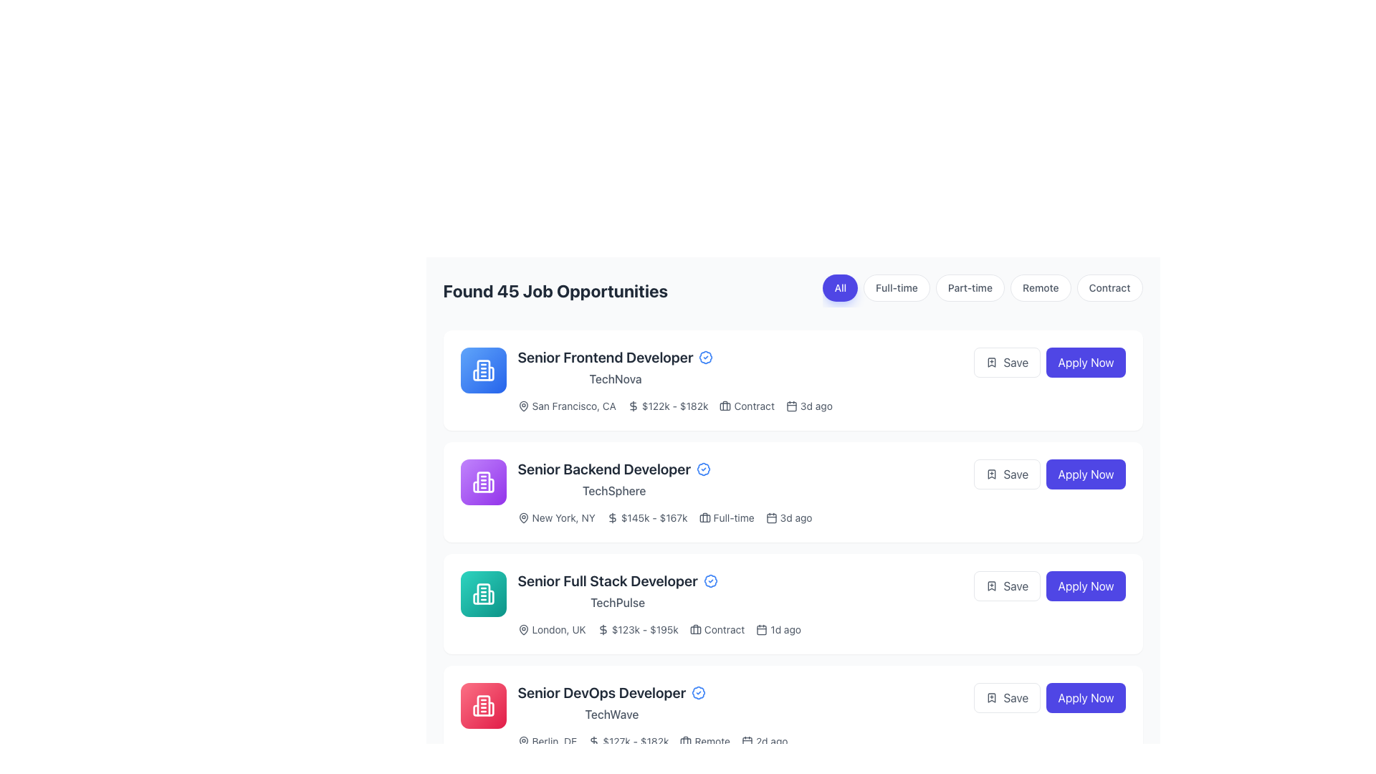 Image resolution: width=1376 pixels, height=774 pixels. What do you see at coordinates (991, 361) in the screenshot?
I see `the save icon located to the left of the 'Save' text within the button group on the right-hand side of the job listing interface for accessibility navigation` at bounding box center [991, 361].